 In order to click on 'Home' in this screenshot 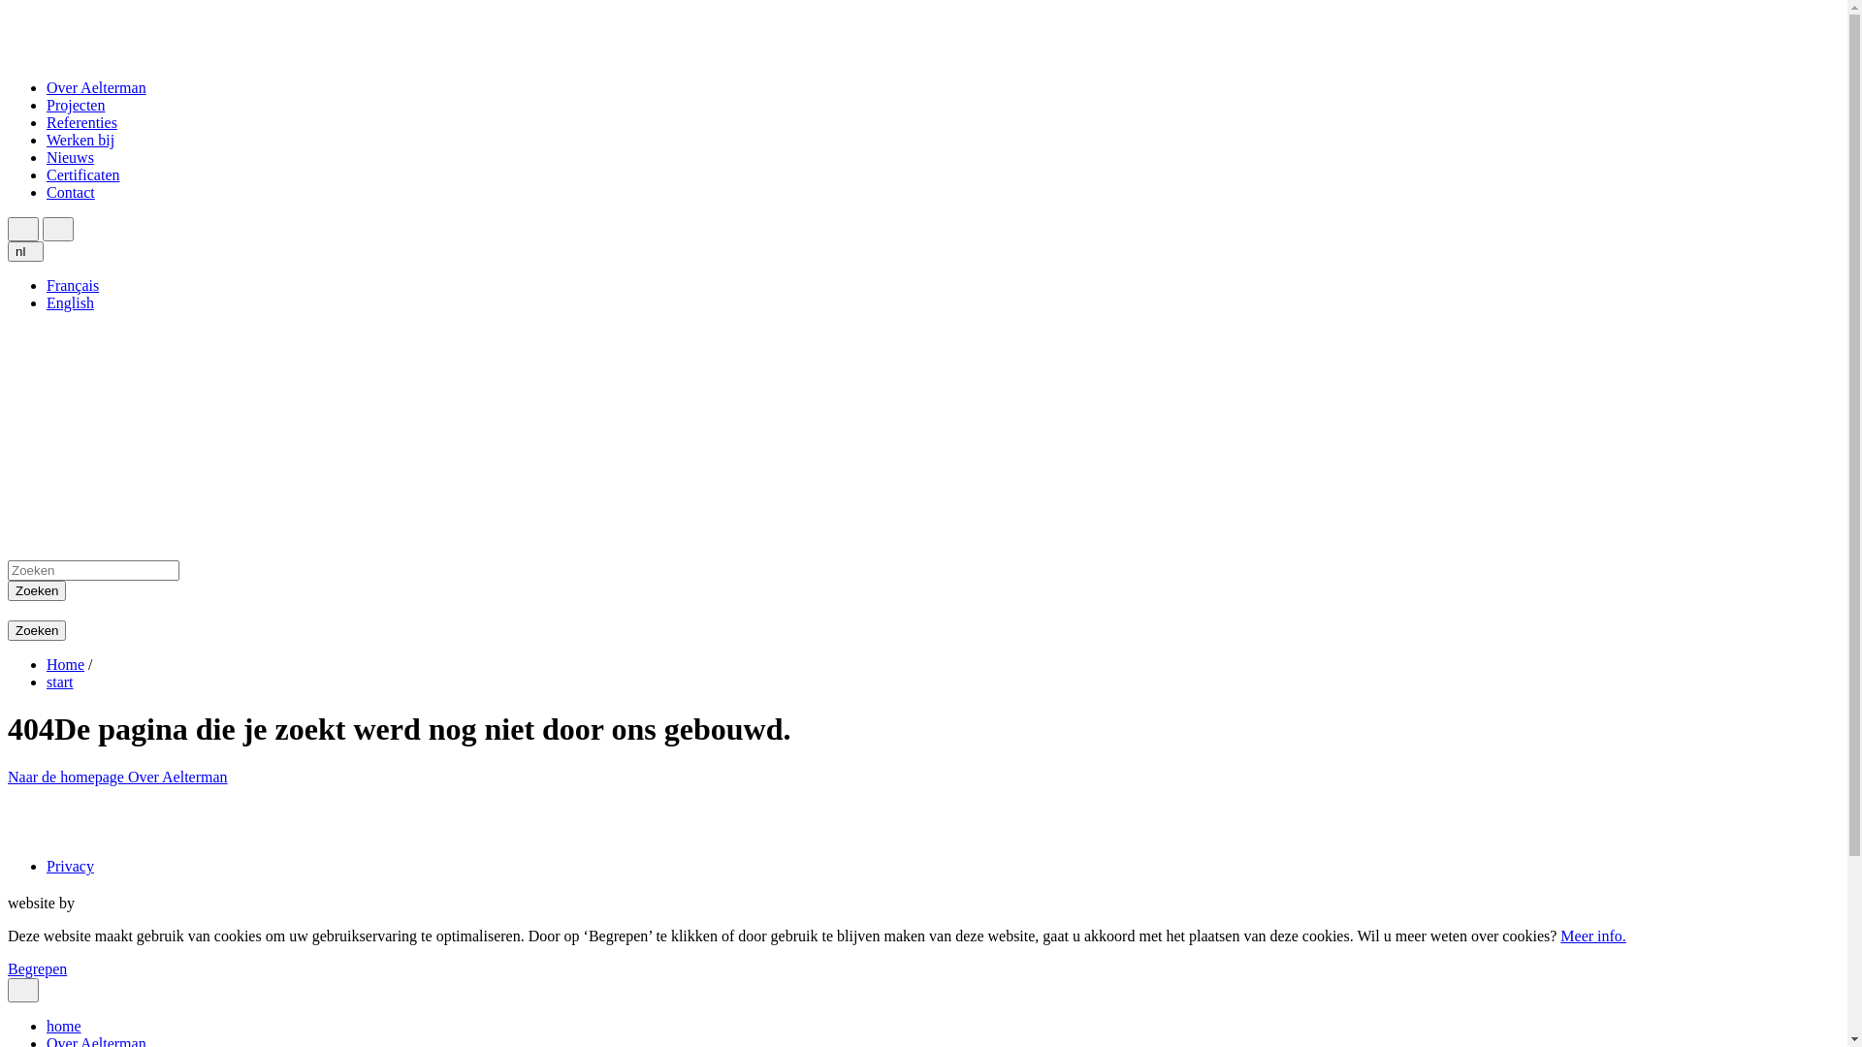, I will do `click(65, 663)`.